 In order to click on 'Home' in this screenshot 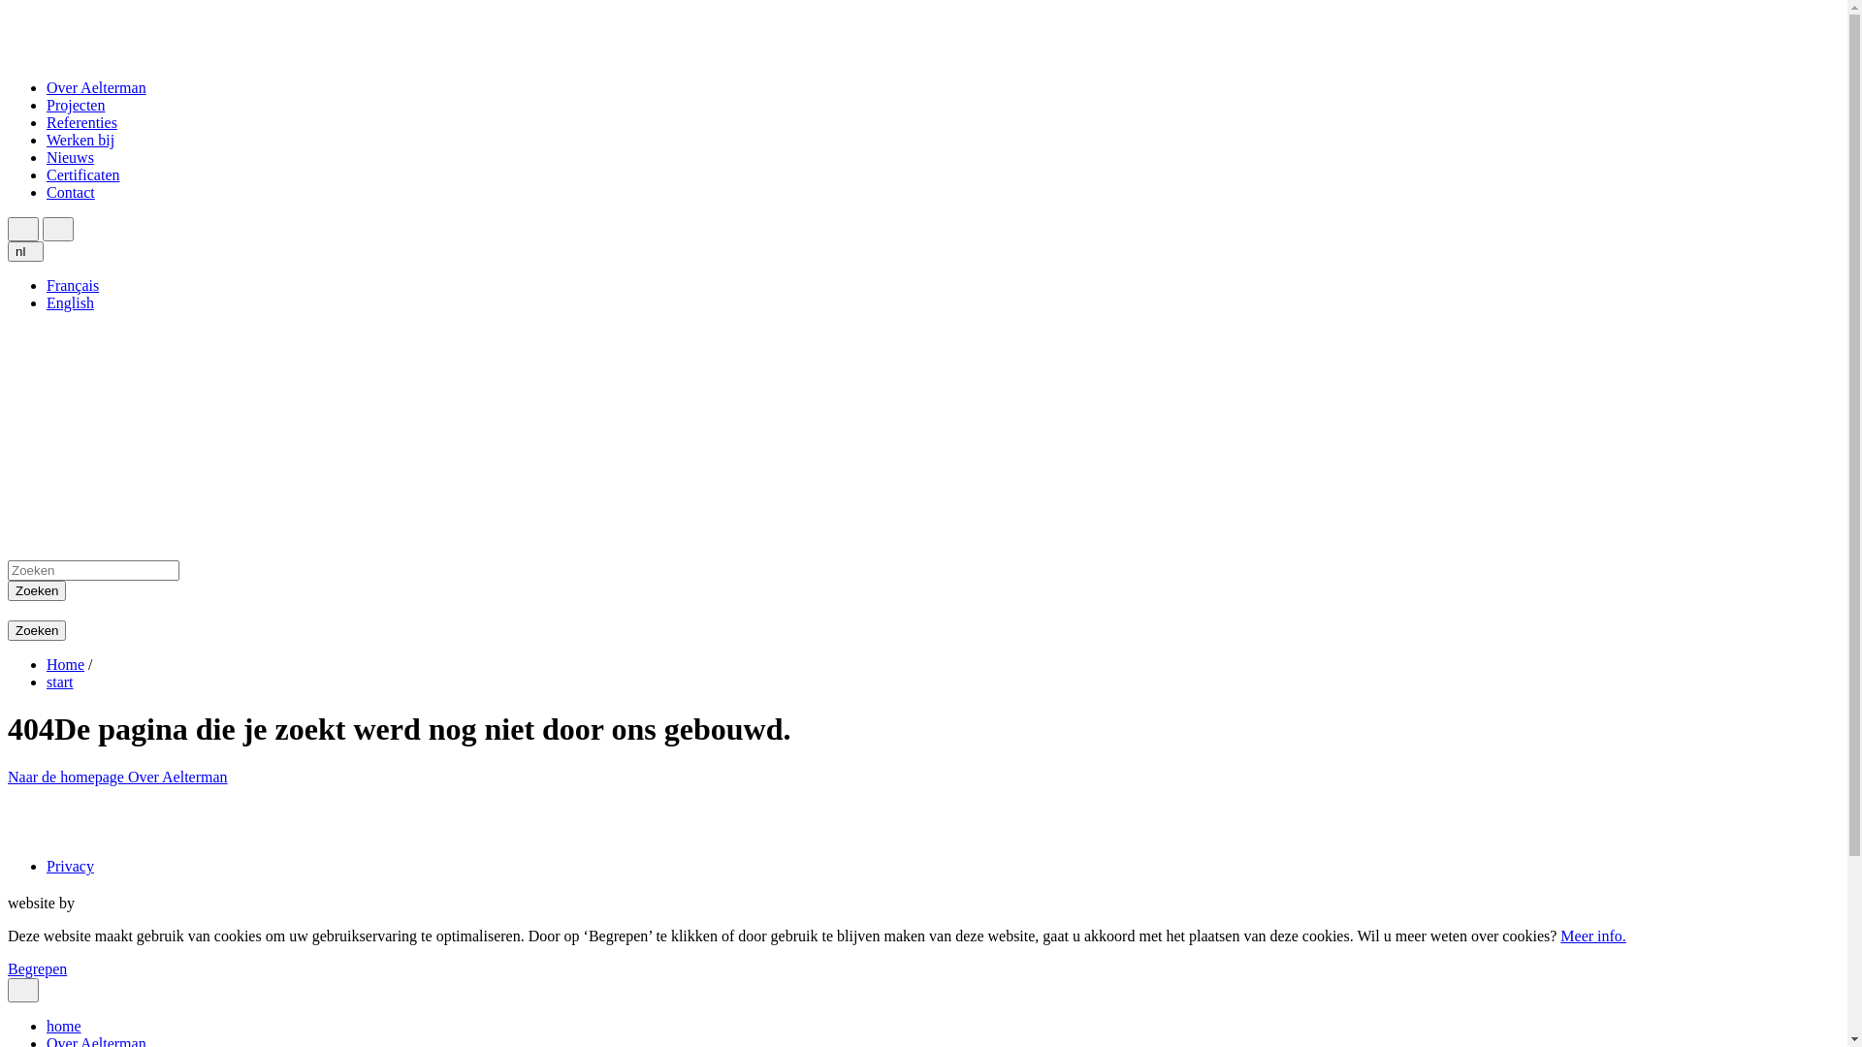, I will do `click(65, 663)`.